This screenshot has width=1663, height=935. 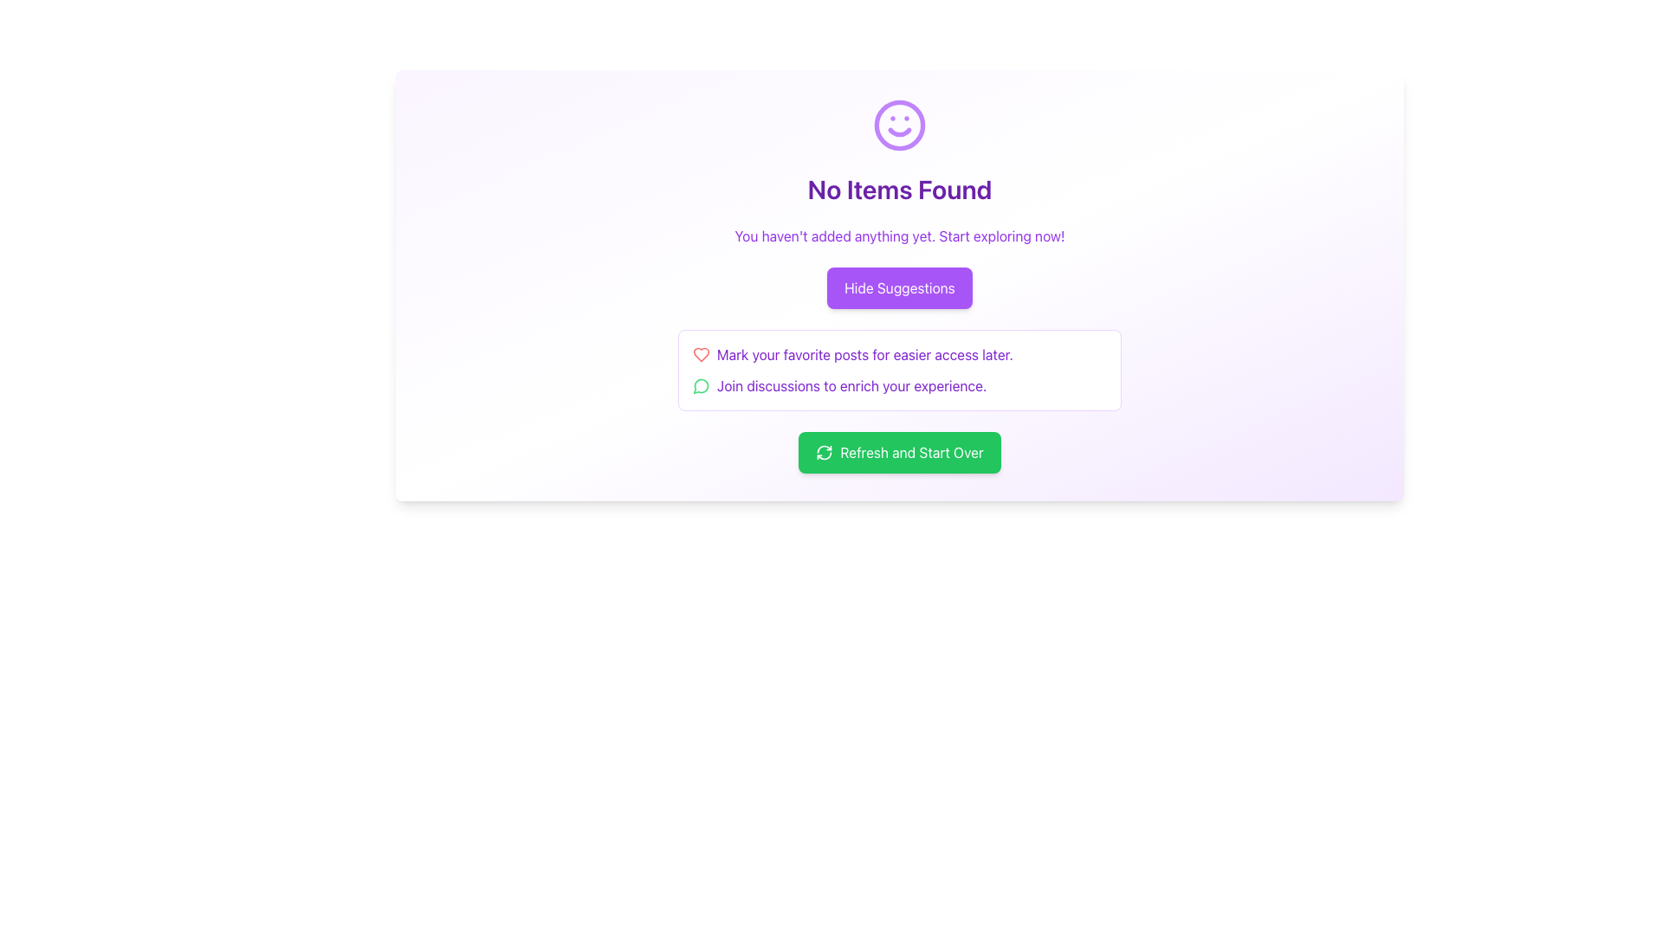 I want to click on the green rectangular button labeled 'Refresh and Start Over' with a circular arrow icon, so click(x=899, y=452).